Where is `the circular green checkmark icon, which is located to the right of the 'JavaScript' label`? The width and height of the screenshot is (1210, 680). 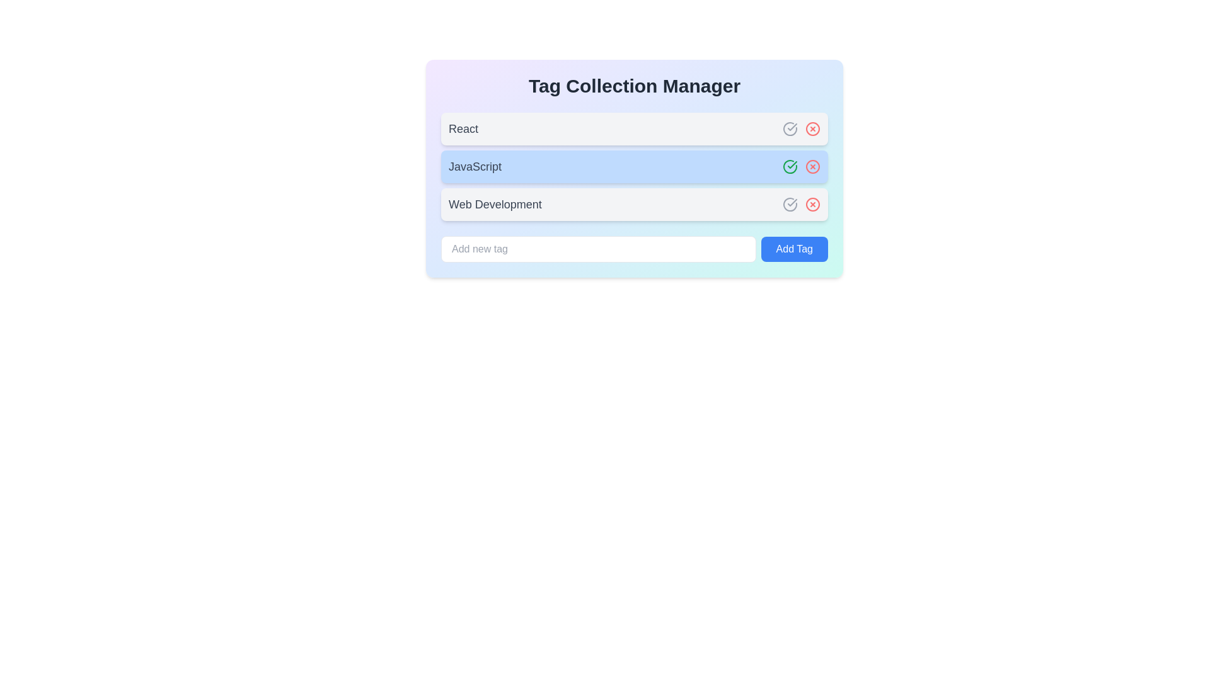
the circular green checkmark icon, which is located to the right of the 'JavaScript' label is located at coordinates (789, 166).